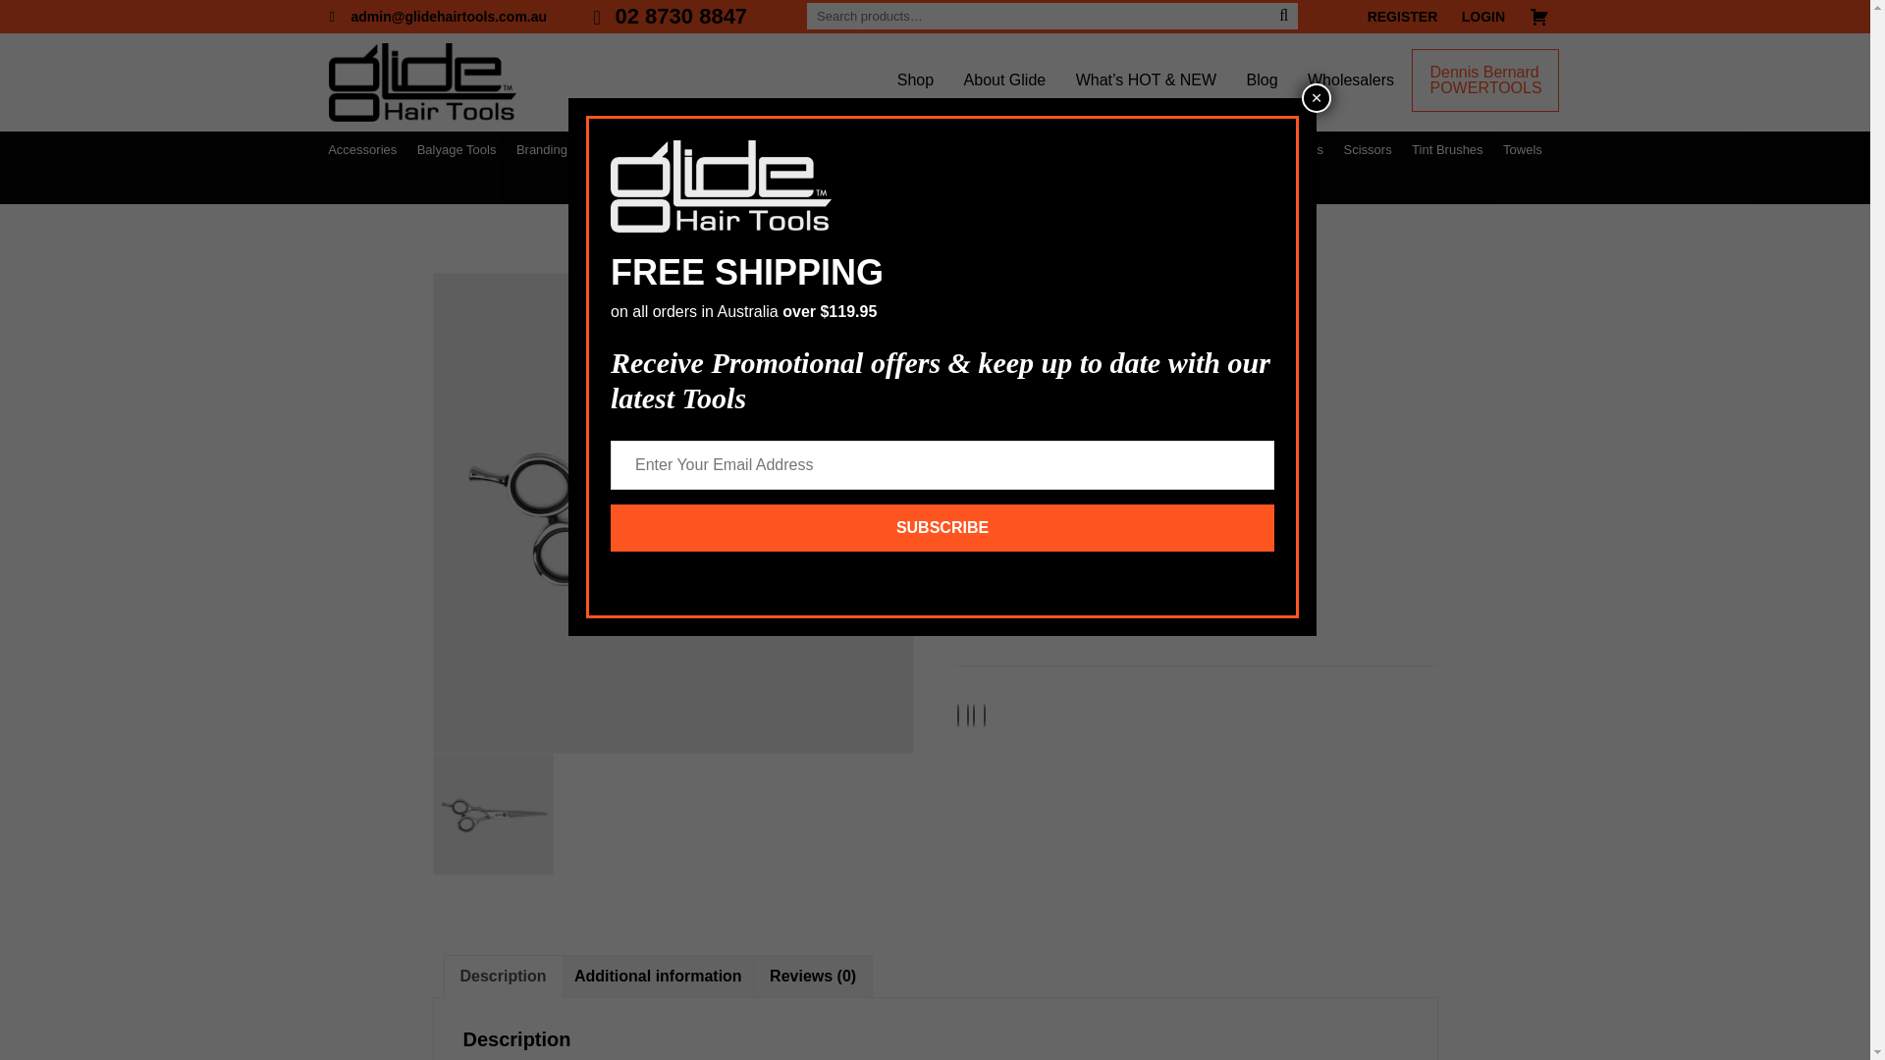  I want to click on 'LOGIN', so click(1451, 16).